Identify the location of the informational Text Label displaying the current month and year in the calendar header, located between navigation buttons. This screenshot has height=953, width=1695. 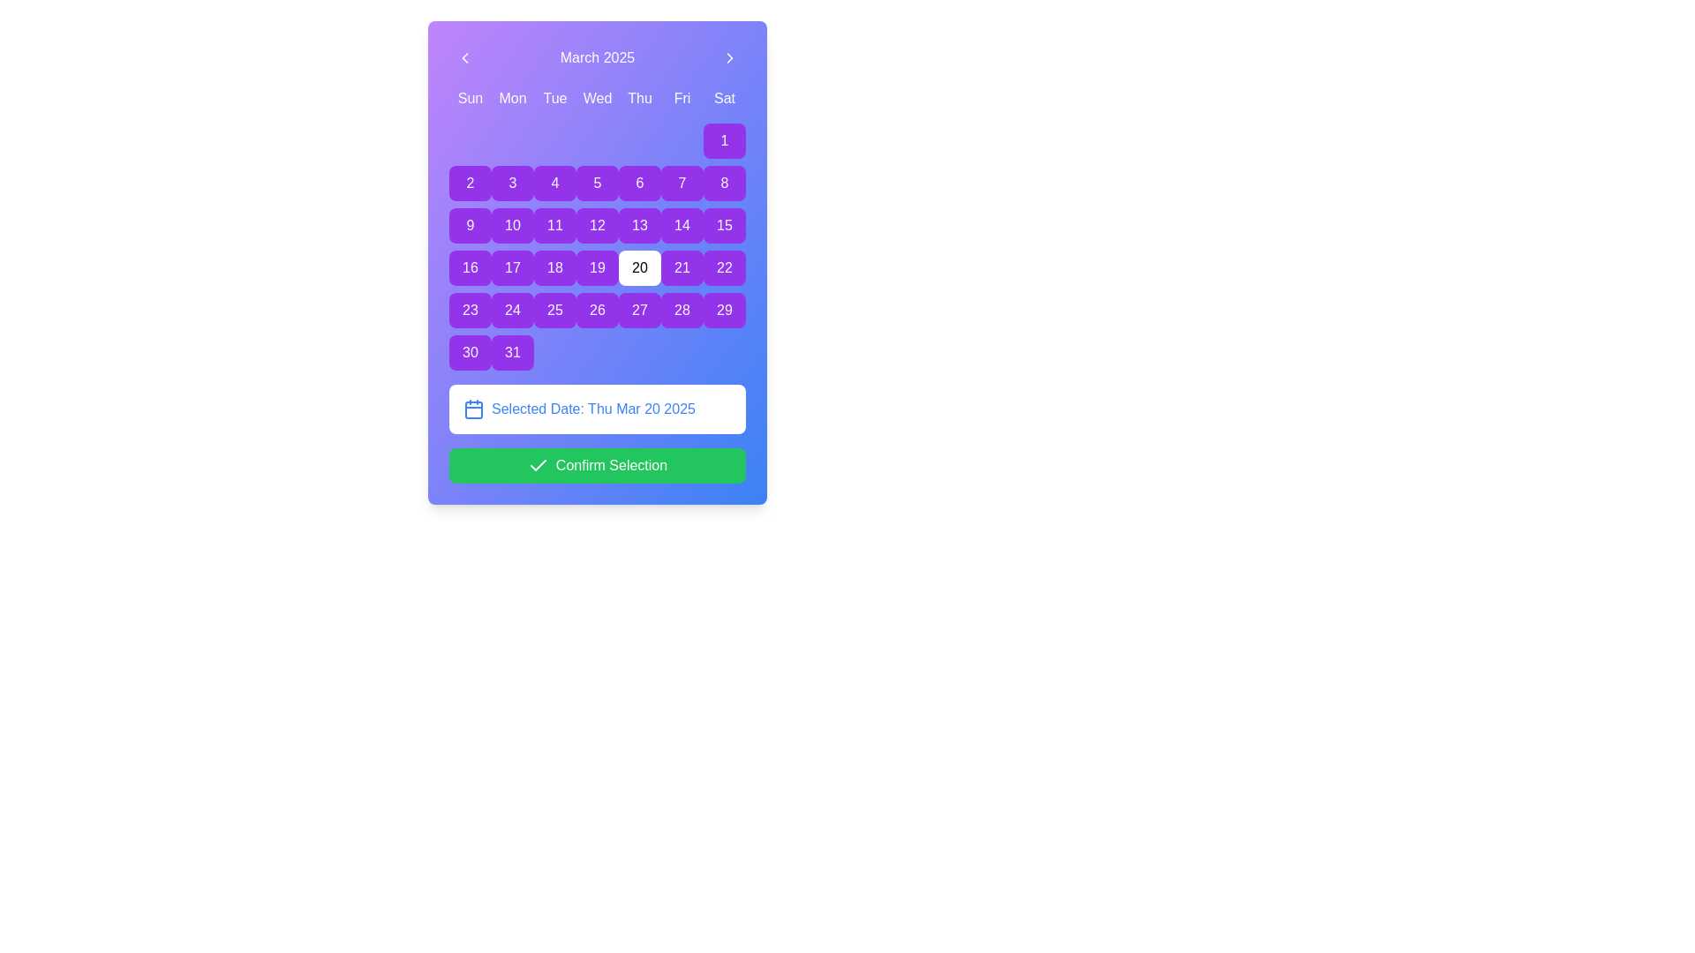
(597, 56).